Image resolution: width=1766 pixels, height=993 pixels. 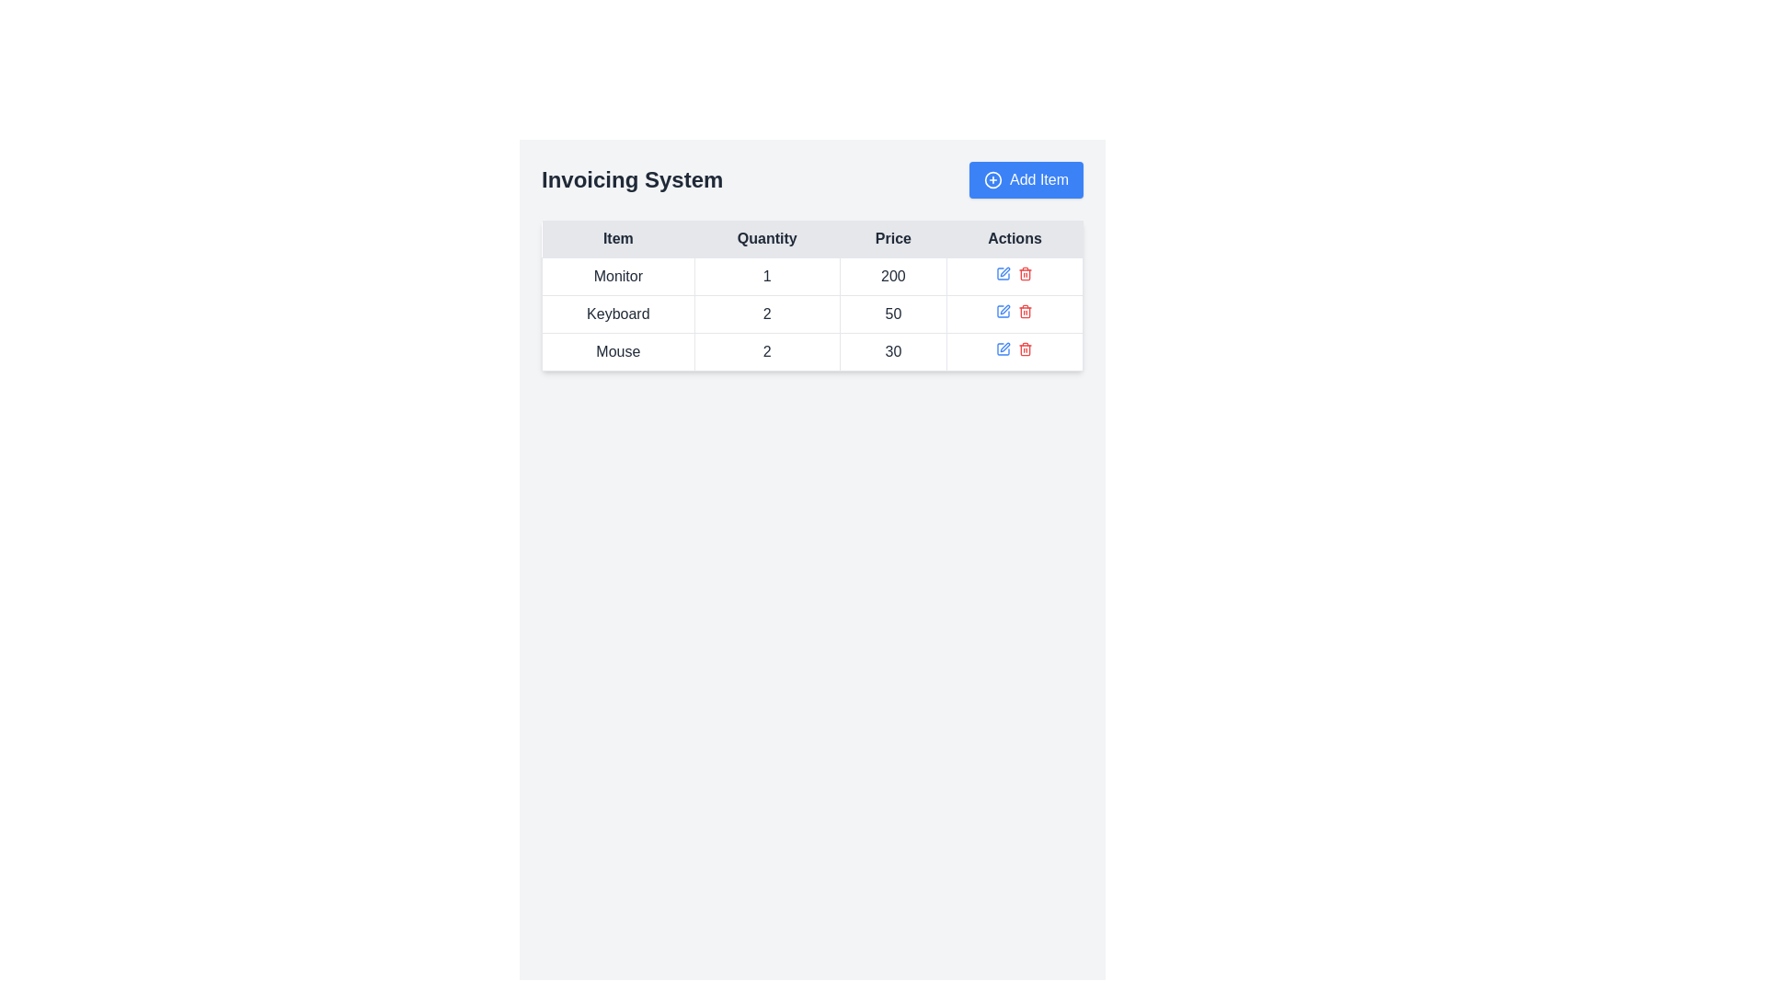 I want to click on the first row of the invoice table containing 'Monitor', which is aligned with the columns for 'Quantity' and 'Price', so click(x=811, y=276).